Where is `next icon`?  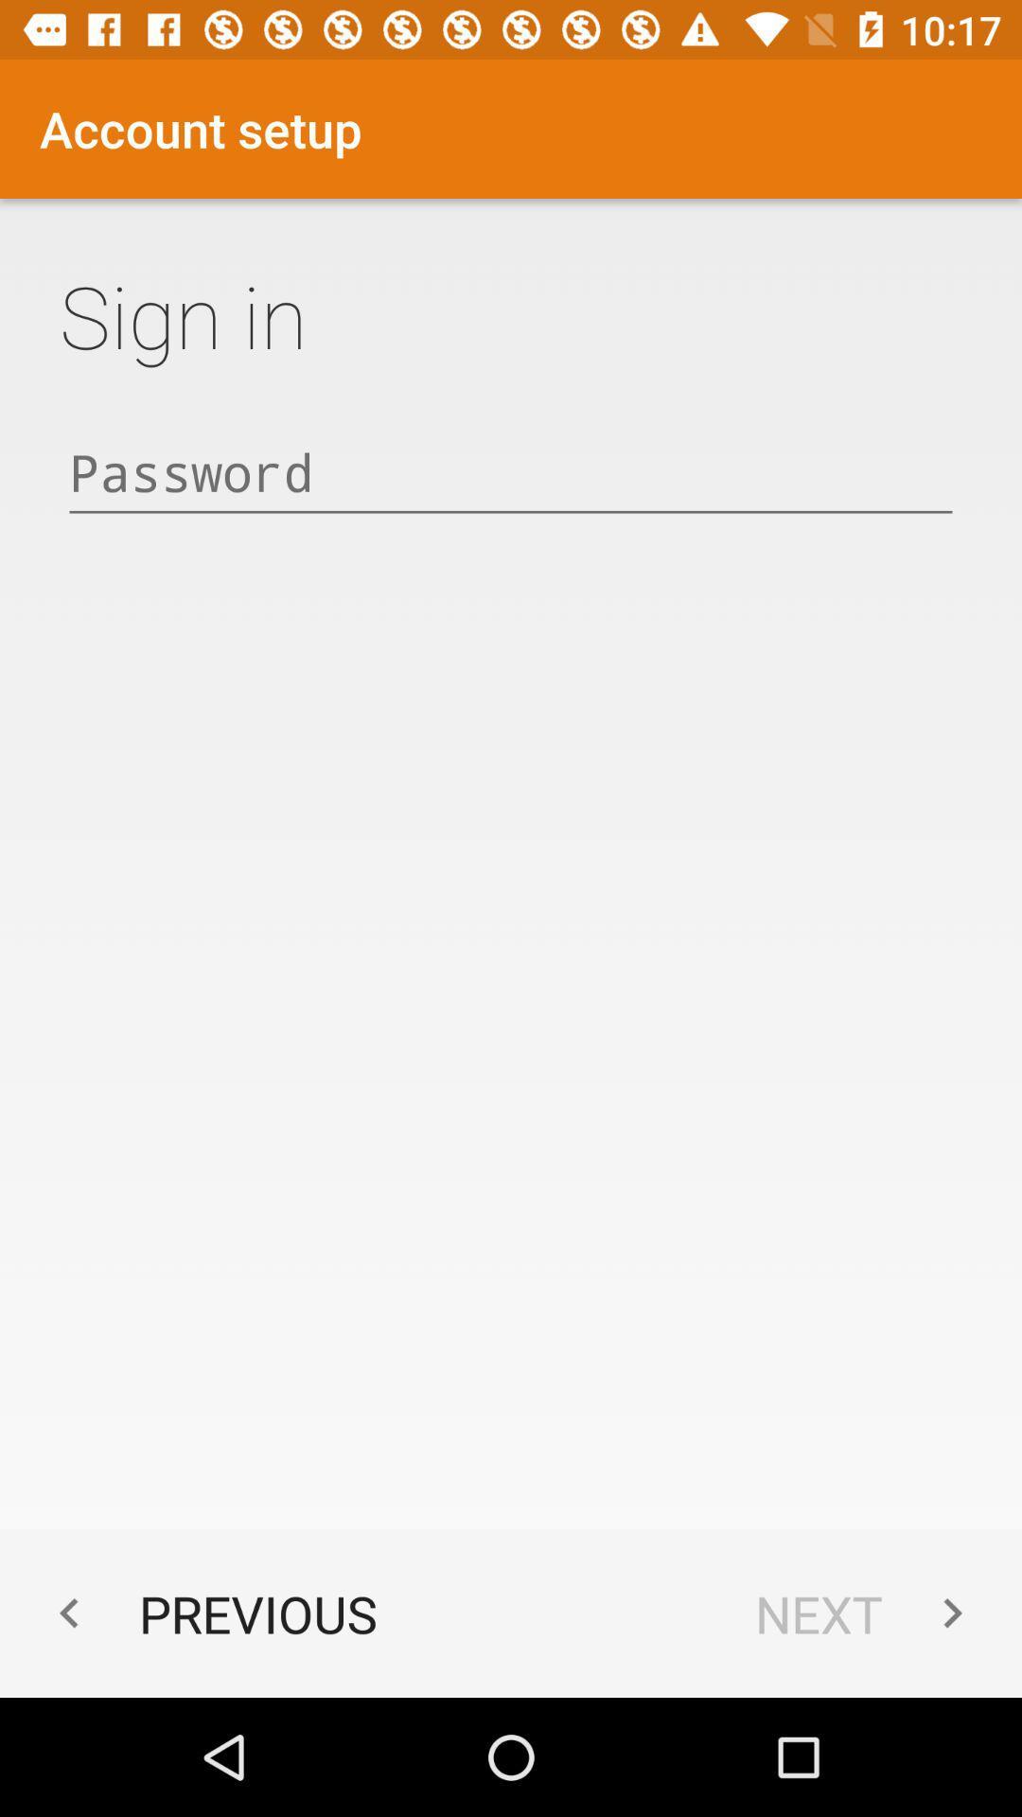
next icon is located at coordinates (869, 1613).